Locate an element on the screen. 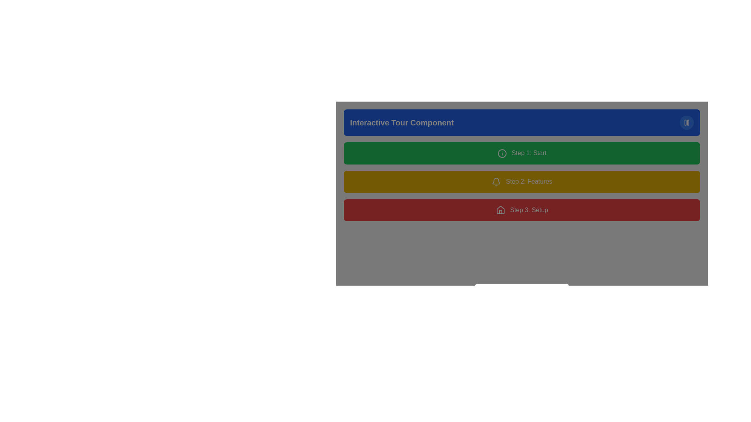  the pause button icon, which is a small icon with two vertical rectangles in a circular blue background, located in the top-right corner of the rounded blue rectangular section near the 'Interactive Tour Component' title is located at coordinates (686, 122).